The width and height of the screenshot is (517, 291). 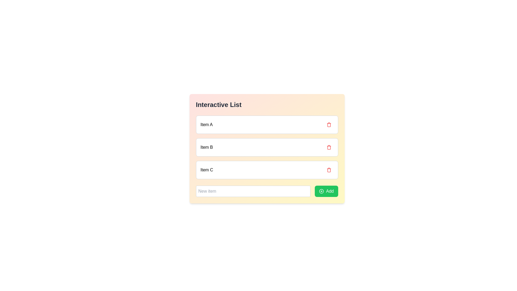 What do you see at coordinates (329, 170) in the screenshot?
I see `the delete icon located in the bottom-right corner of the block representing the third item in the interactive list` at bounding box center [329, 170].